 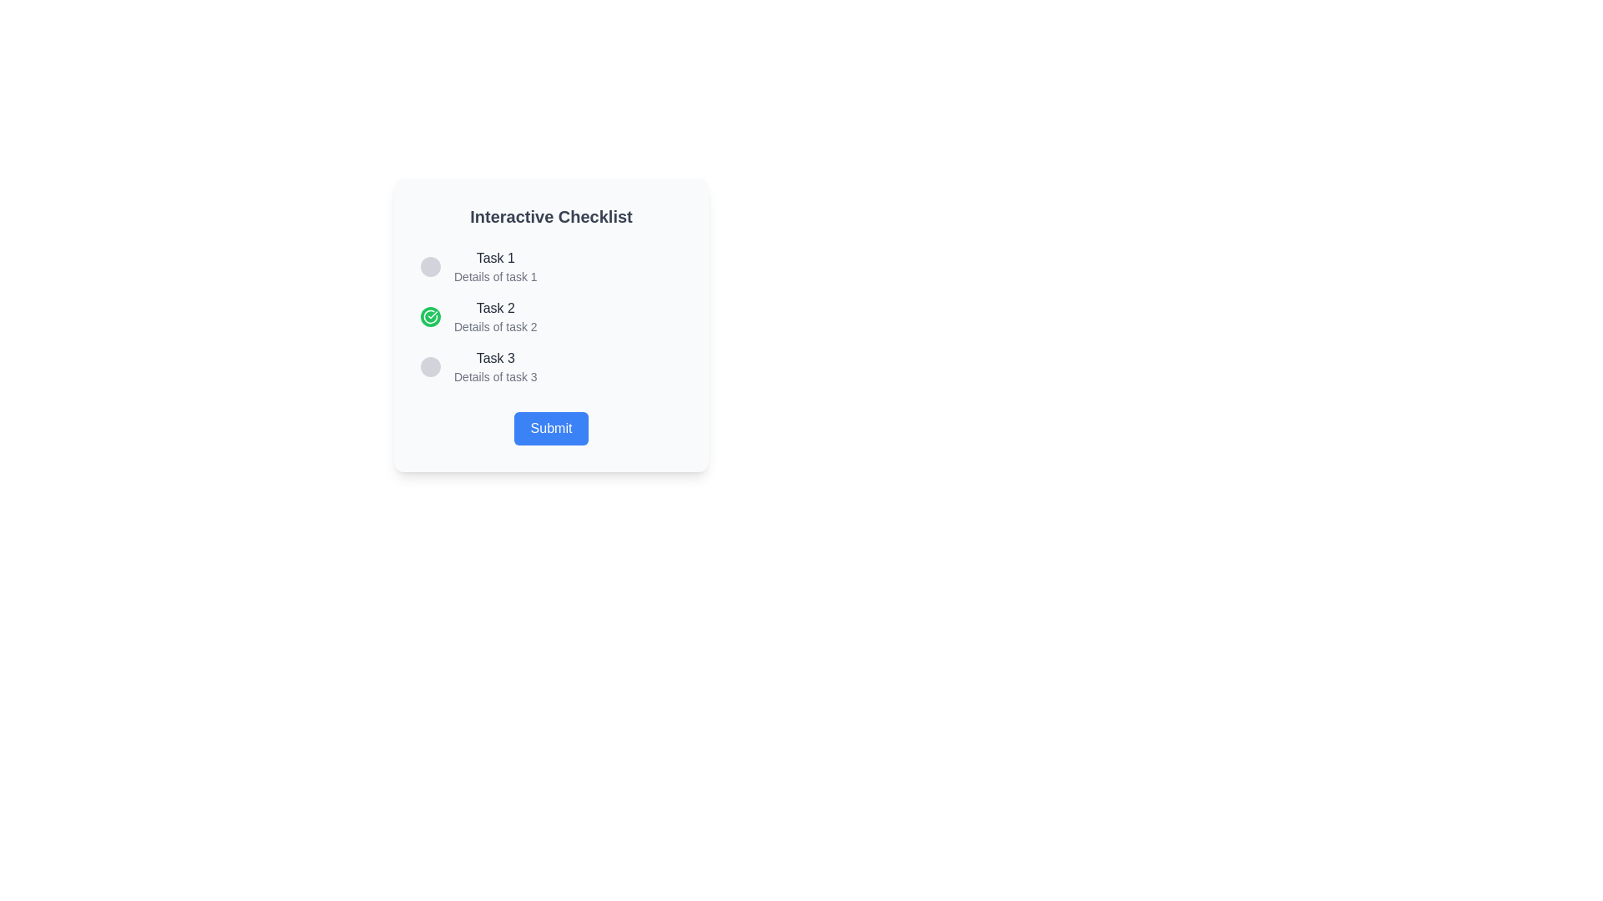 What do you see at coordinates (494, 317) in the screenshot?
I see `text block containing 'Task 2' in bold and 'Details of task 2' in a smaller font, located in the second position of a vertical checklist` at bounding box center [494, 317].